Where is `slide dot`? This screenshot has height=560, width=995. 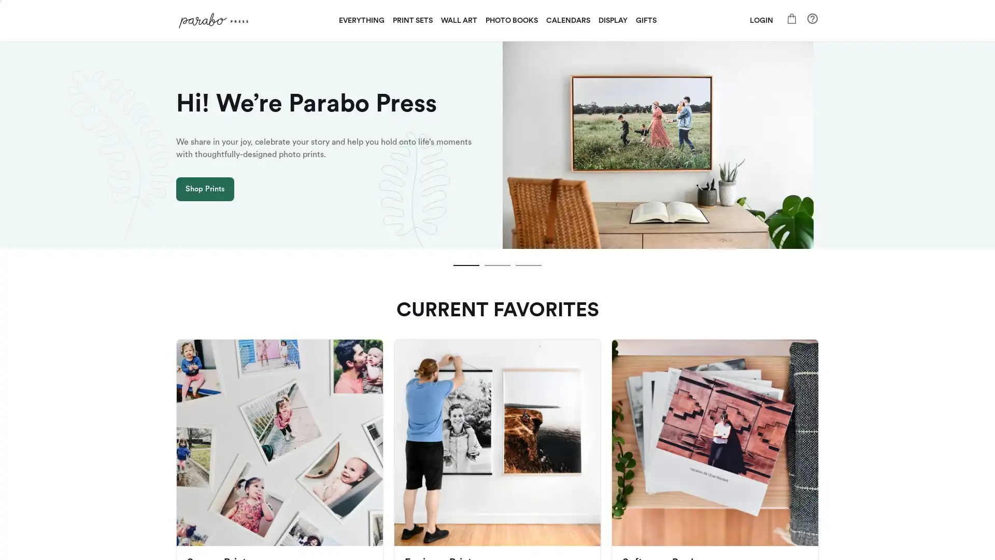
slide dot is located at coordinates (497, 265).